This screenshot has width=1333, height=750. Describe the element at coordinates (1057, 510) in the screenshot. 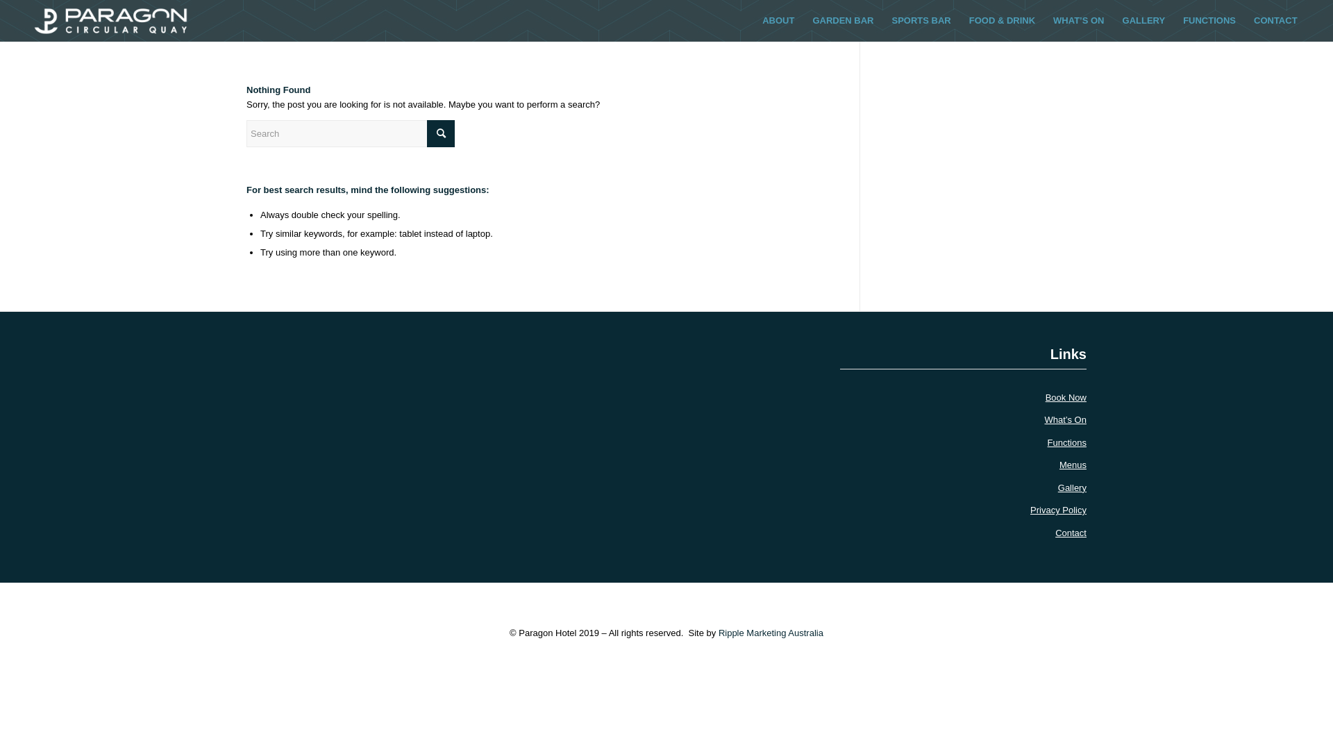

I see `'Privacy Policy'` at that location.